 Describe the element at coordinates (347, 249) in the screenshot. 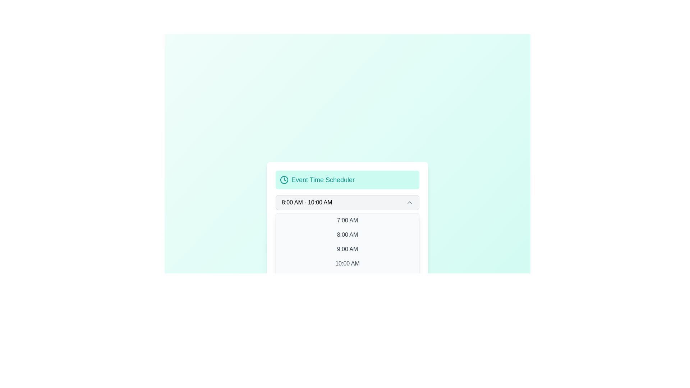

I see `the third row of the dropdown menu labeled '9:00 AM'` at that location.